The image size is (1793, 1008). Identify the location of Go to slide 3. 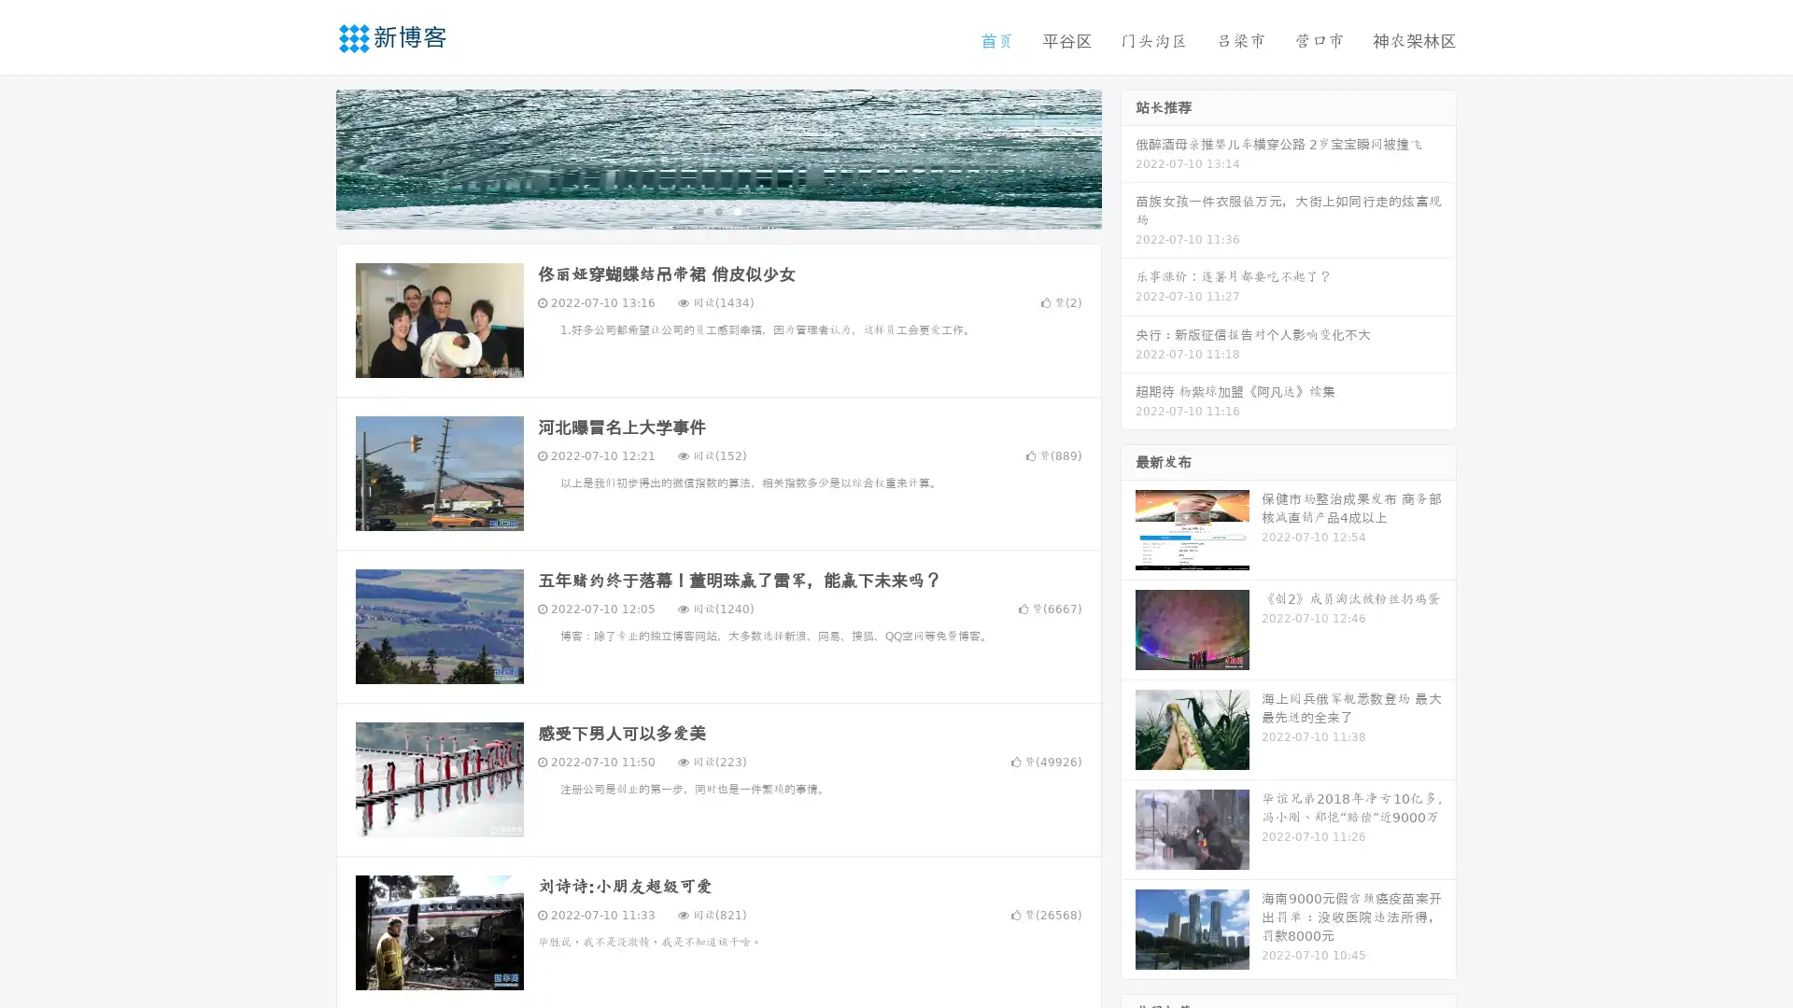
(737, 210).